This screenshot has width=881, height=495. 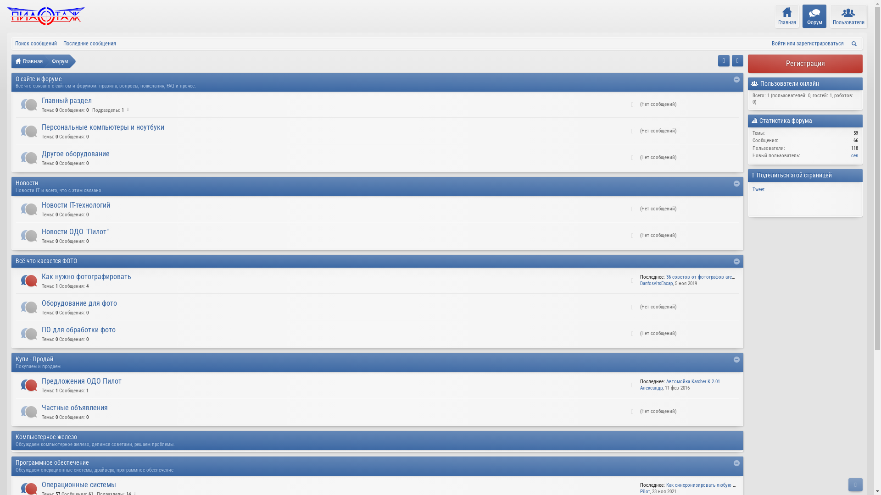 I want to click on 'Pilot', so click(x=640, y=491).